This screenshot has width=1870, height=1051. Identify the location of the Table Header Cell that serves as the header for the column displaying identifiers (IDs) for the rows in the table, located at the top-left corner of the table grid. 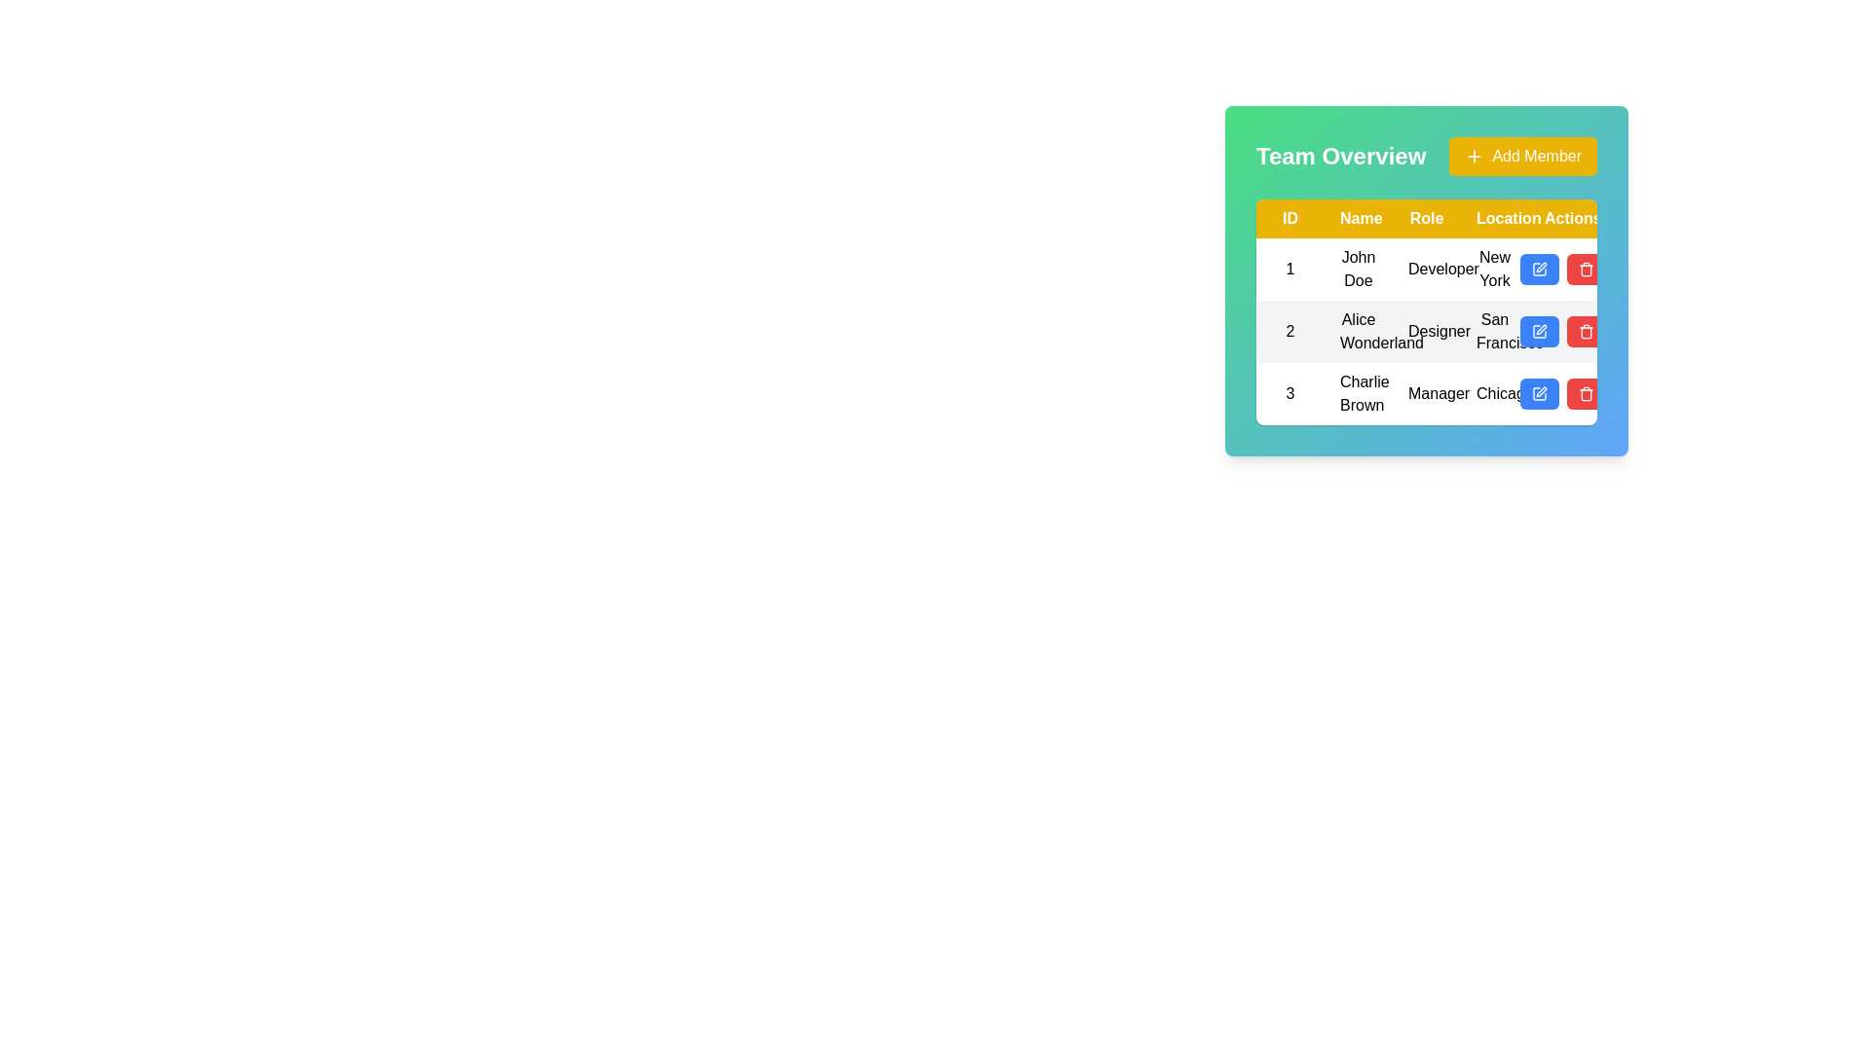
(1290, 218).